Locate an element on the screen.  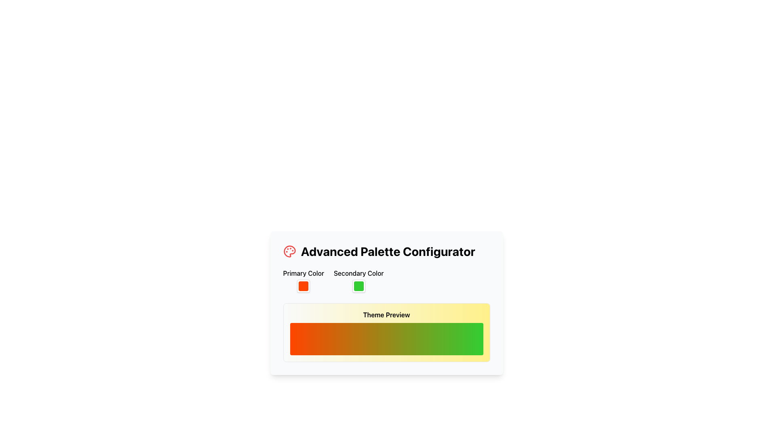
the vivid green Color Picker Button located in the 'Advanced Palette Configurator' section is located at coordinates (358, 286).